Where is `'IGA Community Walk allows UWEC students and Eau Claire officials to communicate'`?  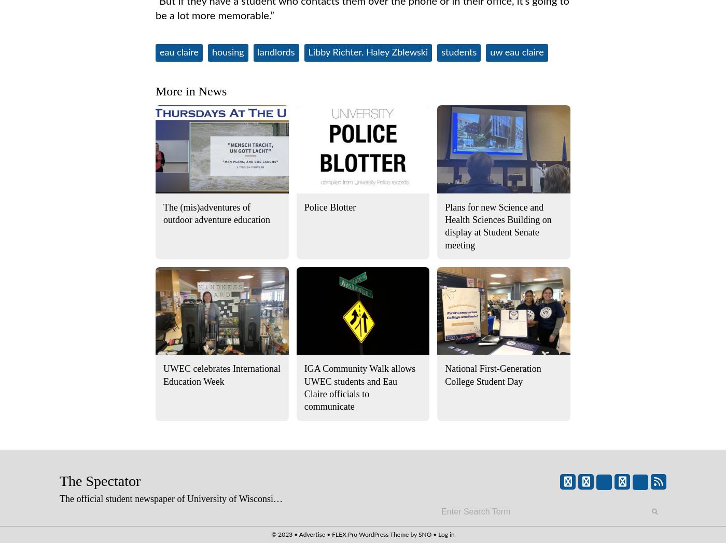 'IGA Community Walk allows UWEC students and Eau Claire officials to communicate' is located at coordinates (359, 387).